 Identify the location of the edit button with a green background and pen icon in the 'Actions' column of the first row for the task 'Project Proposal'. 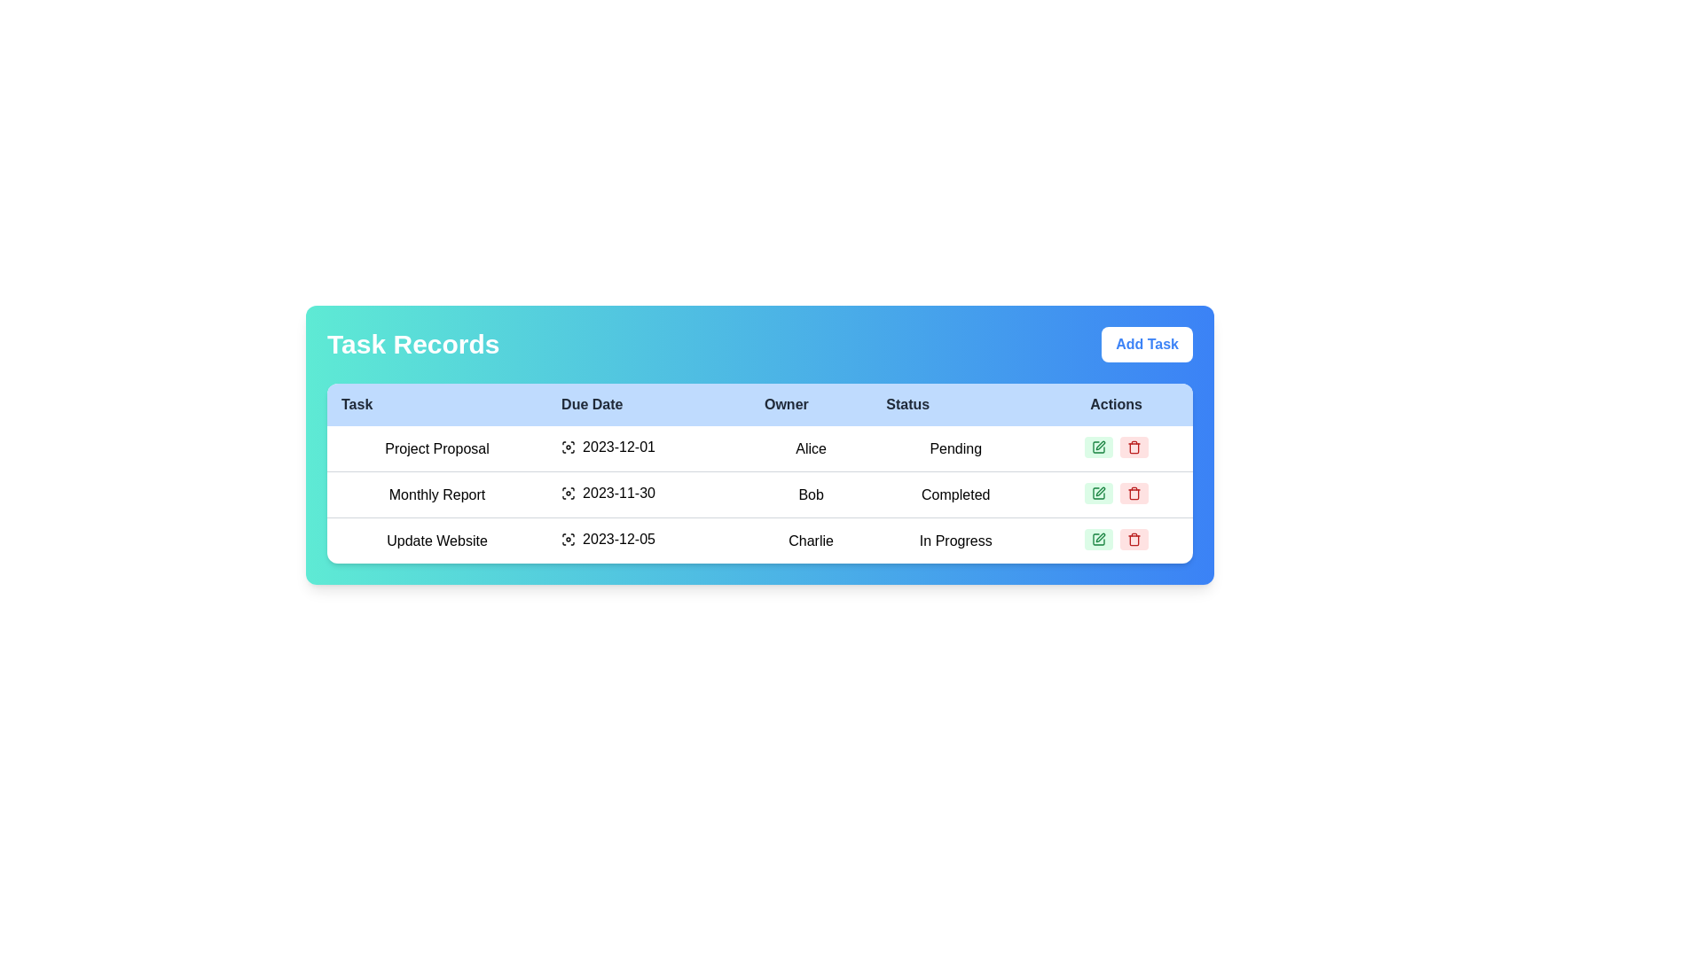
(1097, 447).